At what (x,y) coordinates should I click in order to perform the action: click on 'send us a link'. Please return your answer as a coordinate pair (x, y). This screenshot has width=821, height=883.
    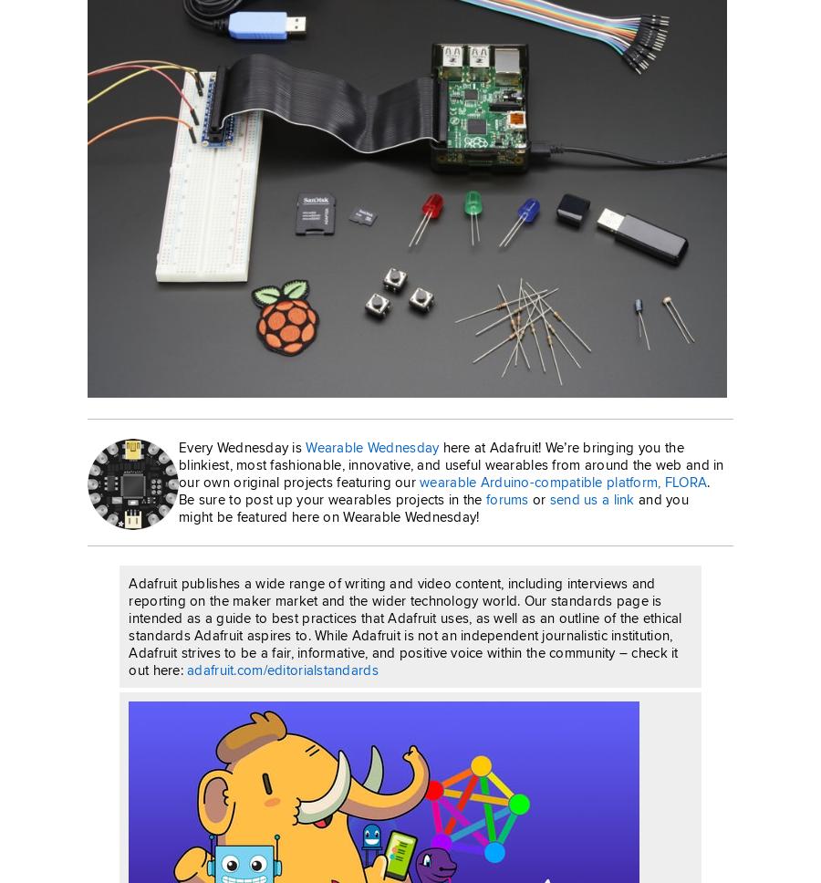
    Looking at the image, I should click on (591, 497).